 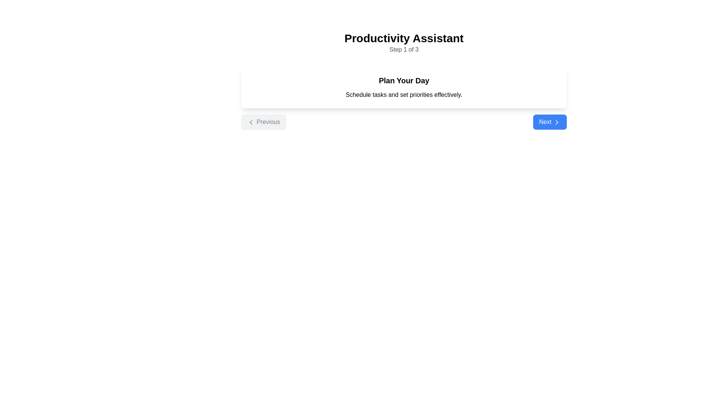 What do you see at coordinates (557, 122) in the screenshot?
I see `the rightward chevron icon of the Vector graphics, which is located on the right side of the blue 'Next' button` at bounding box center [557, 122].